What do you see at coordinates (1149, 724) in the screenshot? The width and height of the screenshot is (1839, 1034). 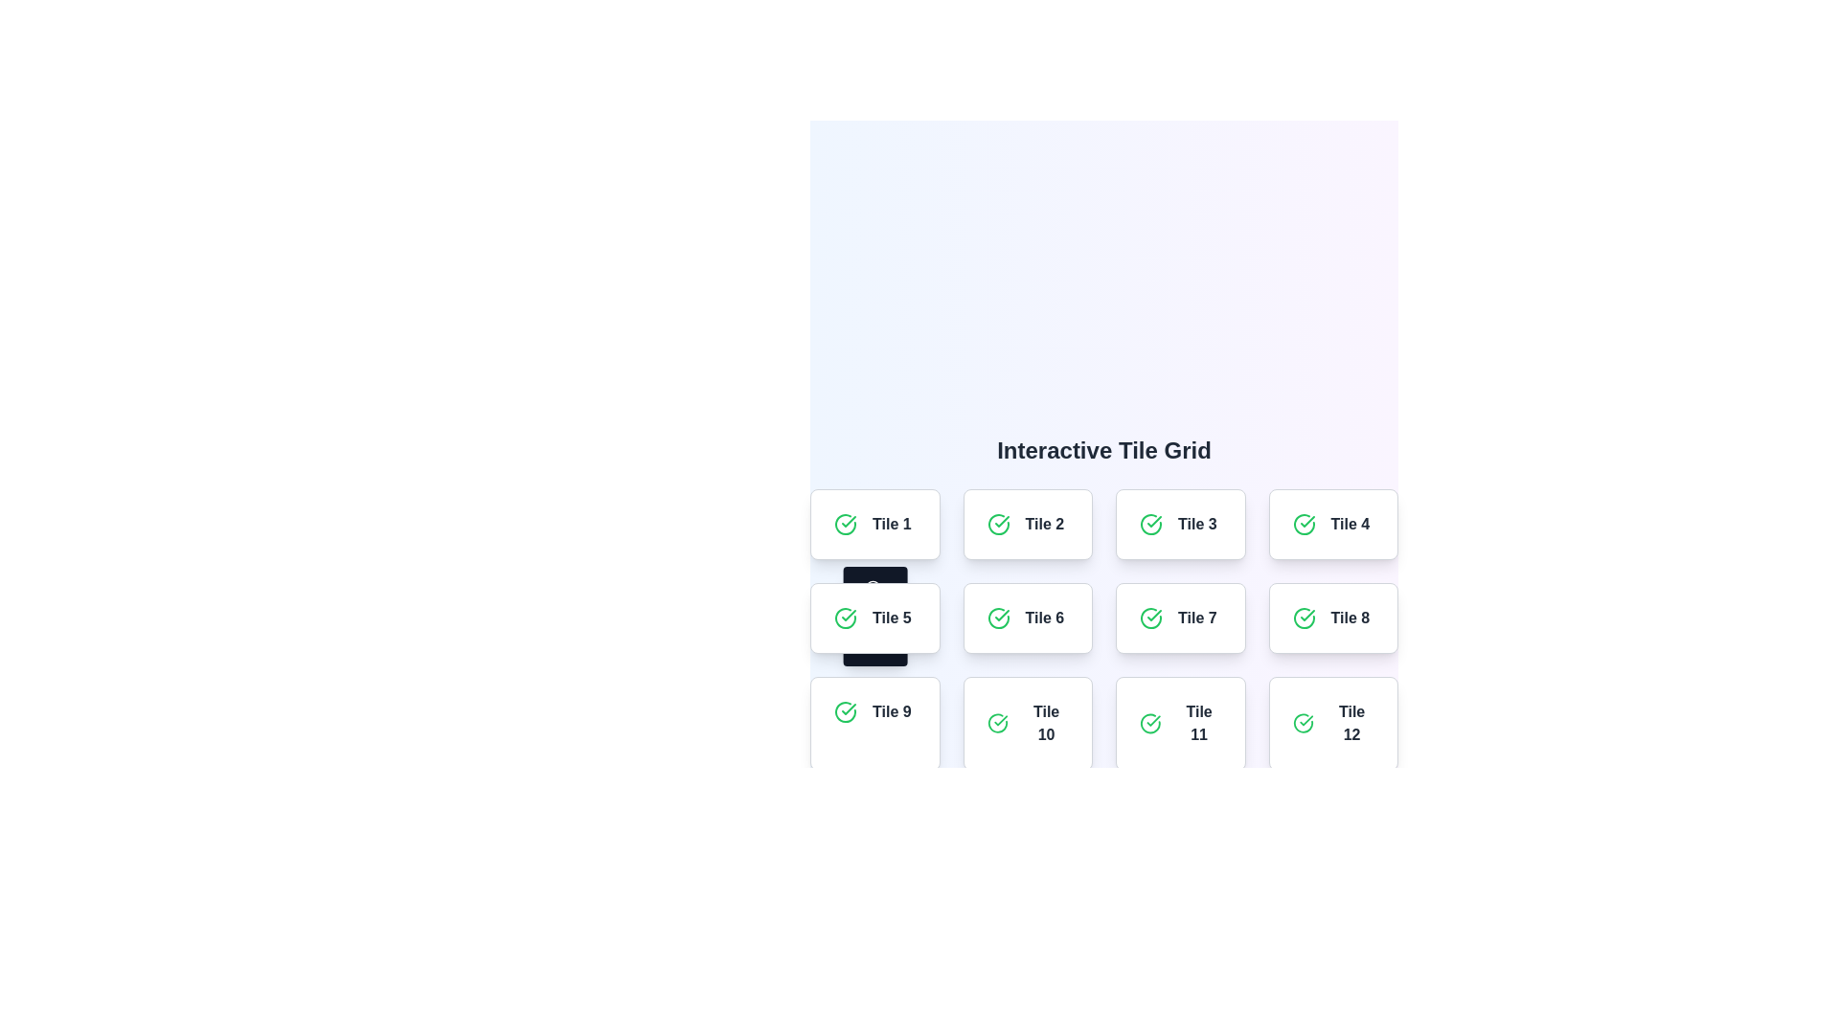 I see `the circular success icon located at the center of 'Tile 11' card in the third row of the grid` at bounding box center [1149, 724].